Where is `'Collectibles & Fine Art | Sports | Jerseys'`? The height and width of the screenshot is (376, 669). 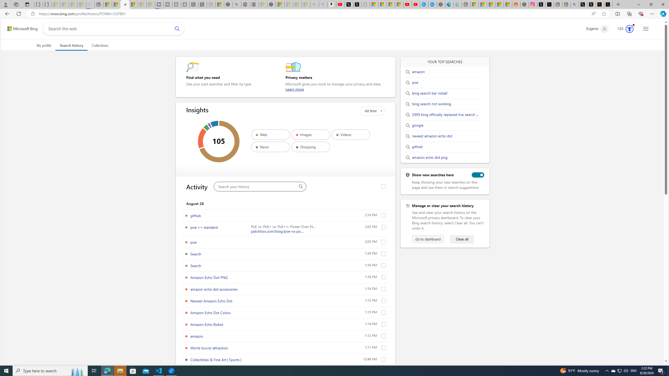 'Collectibles & Fine Art | Sports | Jerseys' is located at coordinates (215, 362).